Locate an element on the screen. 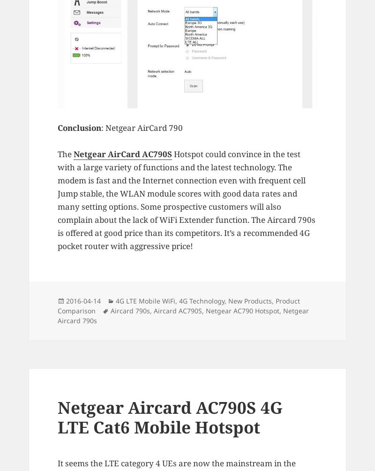 The height and width of the screenshot is (471, 375). 'Product Comparison' is located at coordinates (178, 304).